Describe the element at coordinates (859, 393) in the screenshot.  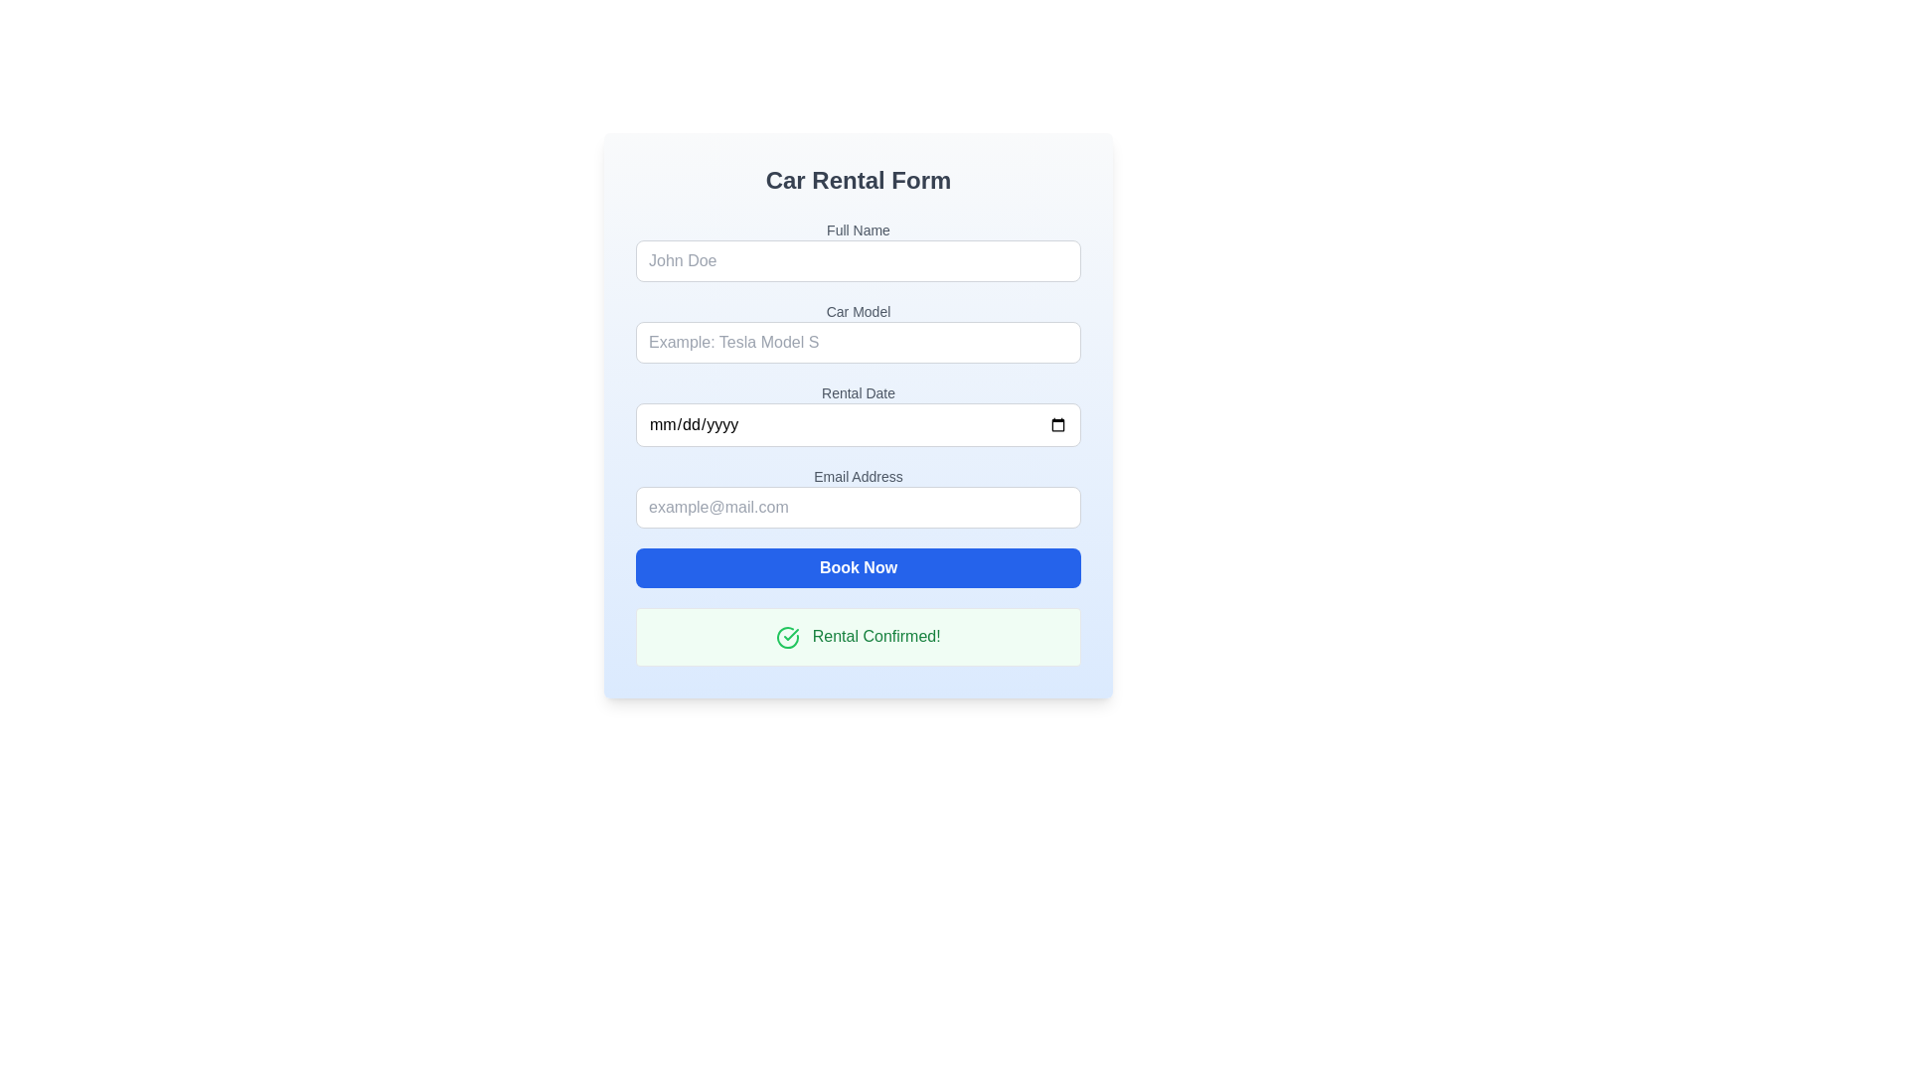
I see `the text label that indicates the rental date input field, which is located above the 'mm/dd/yyyy' input field and below the 'Car Model' input field` at that location.